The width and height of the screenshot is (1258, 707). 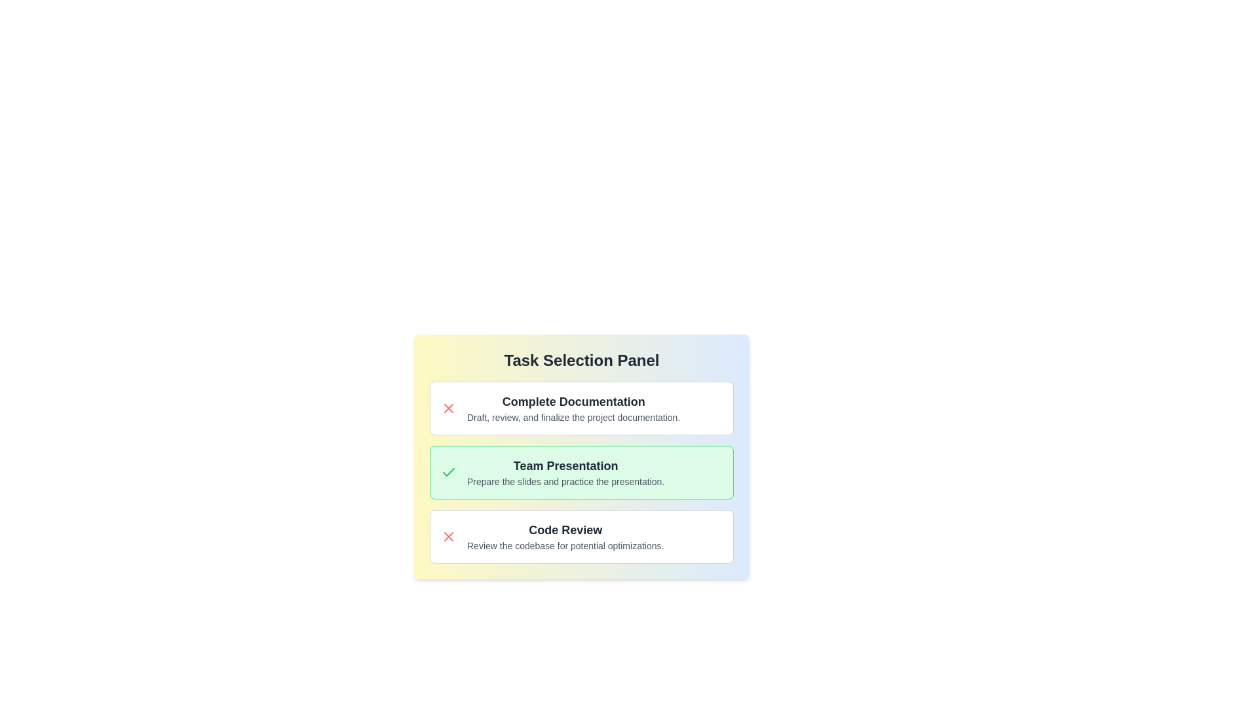 What do you see at coordinates (565, 537) in the screenshot?
I see `the informational text label that displays the task title 'Code Review' and its description 'Review the codebase for potential optimizations.'` at bounding box center [565, 537].